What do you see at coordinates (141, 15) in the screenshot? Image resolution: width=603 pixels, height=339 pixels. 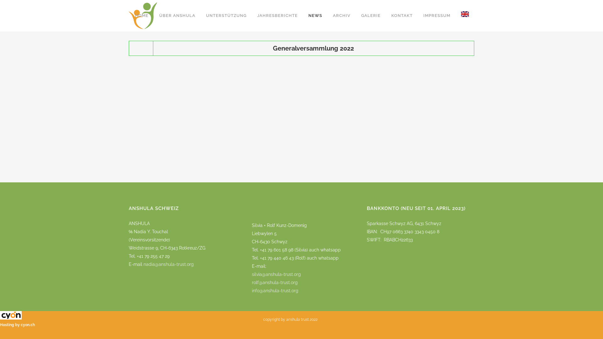 I see `'HOME'` at bounding box center [141, 15].